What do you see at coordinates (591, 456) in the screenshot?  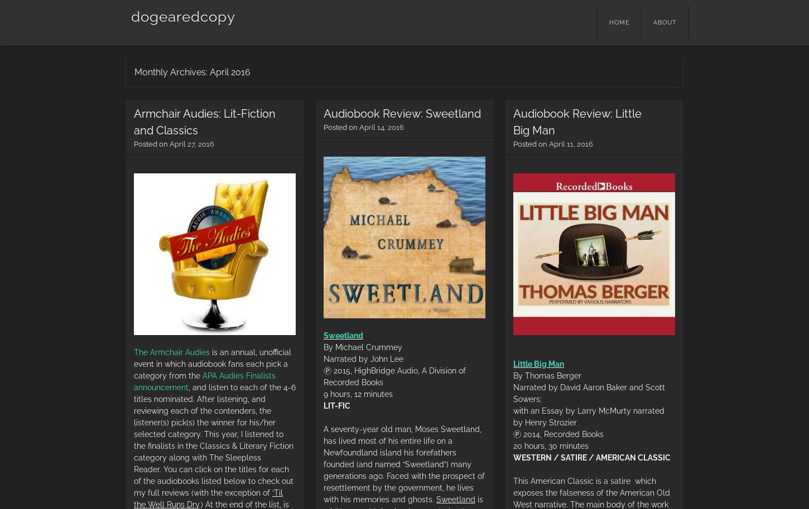 I see `'WESTERN / SATIRE / AMERICAN CLASSIC'` at bounding box center [591, 456].